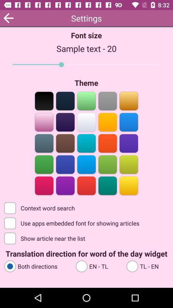 This screenshot has height=308, width=173. I want to click on change theme to orange, so click(107, 121).